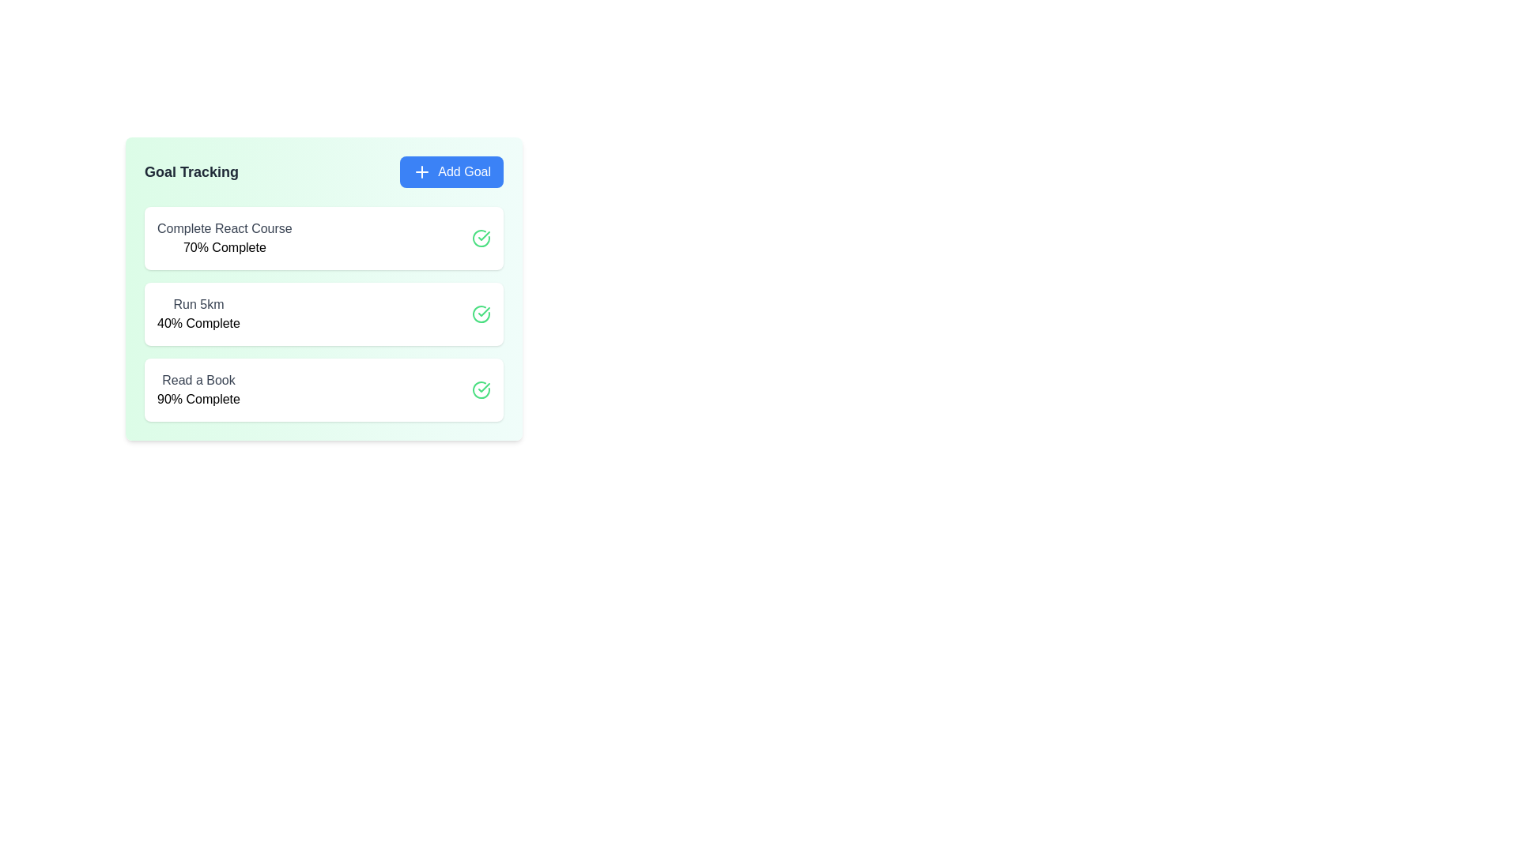 Image resolution: width=1518 pixels, height=853 pixels. I want to click on the Text Display Block that shows the task label 'Read a Book' and its completion percentage '90% Complete', located in the third card from the top, near the mid-left section above a circular green icon, so click(198, 389).